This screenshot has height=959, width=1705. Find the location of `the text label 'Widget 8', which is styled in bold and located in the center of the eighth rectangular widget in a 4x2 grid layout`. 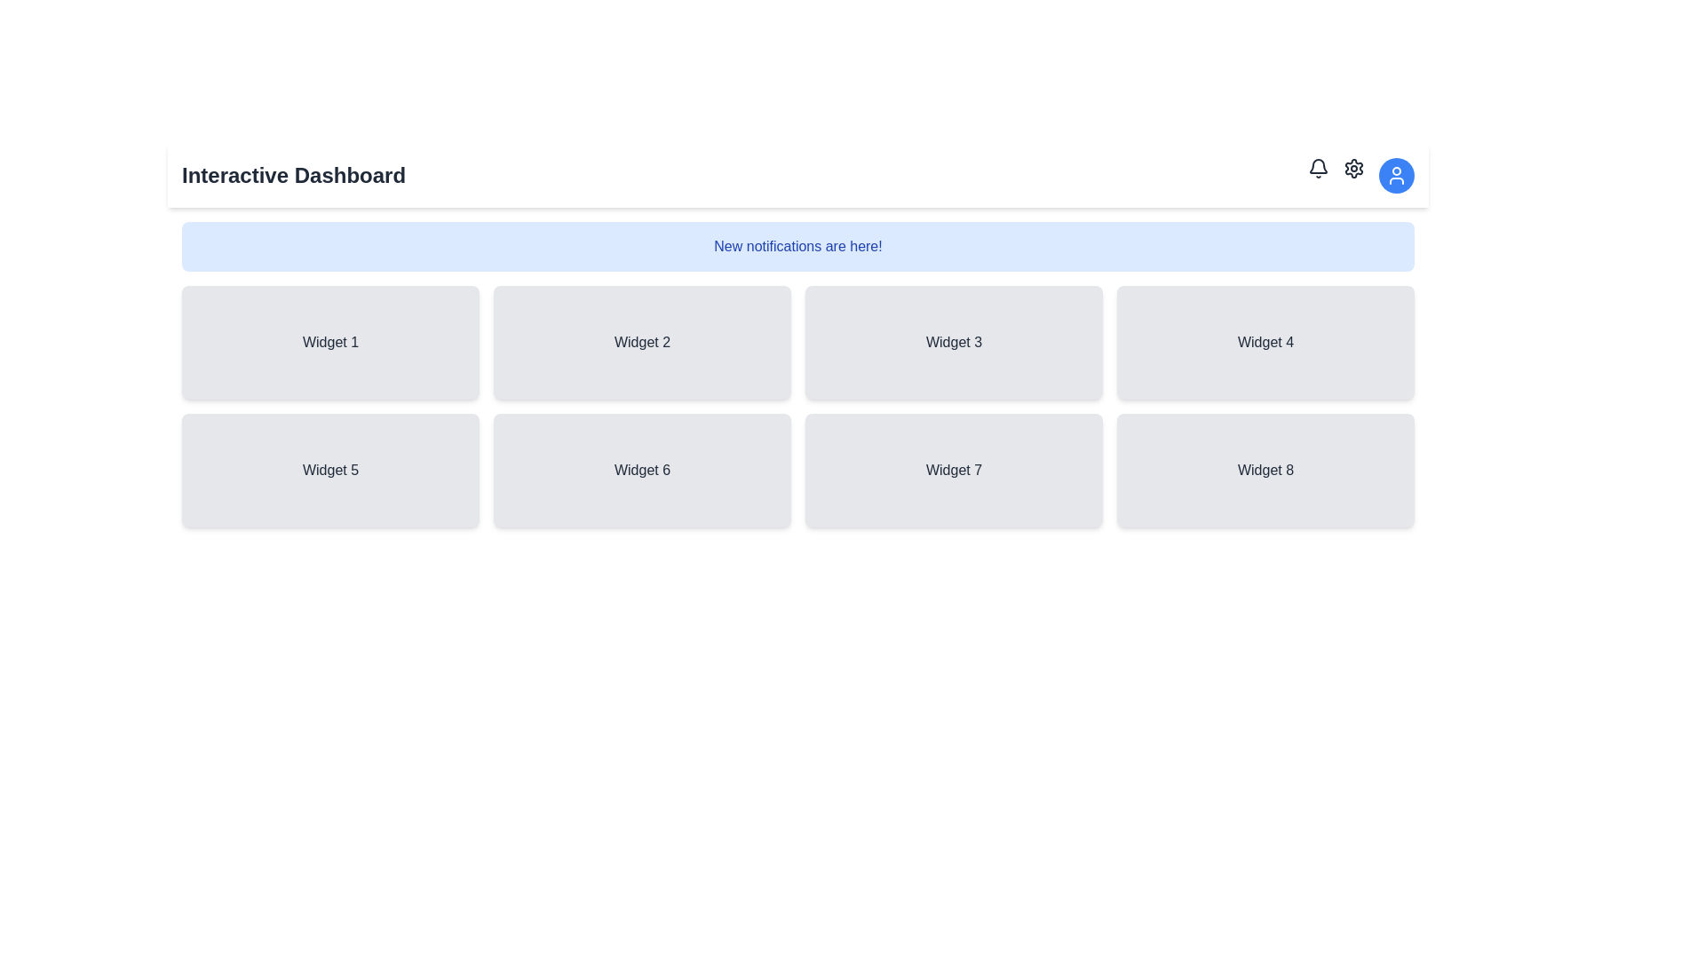

the text label 'Widget 8', which is styled in bold and located in the center of the eighth rectangular widget in a 4x2 grid layout is located at coordinates (1265, 469).